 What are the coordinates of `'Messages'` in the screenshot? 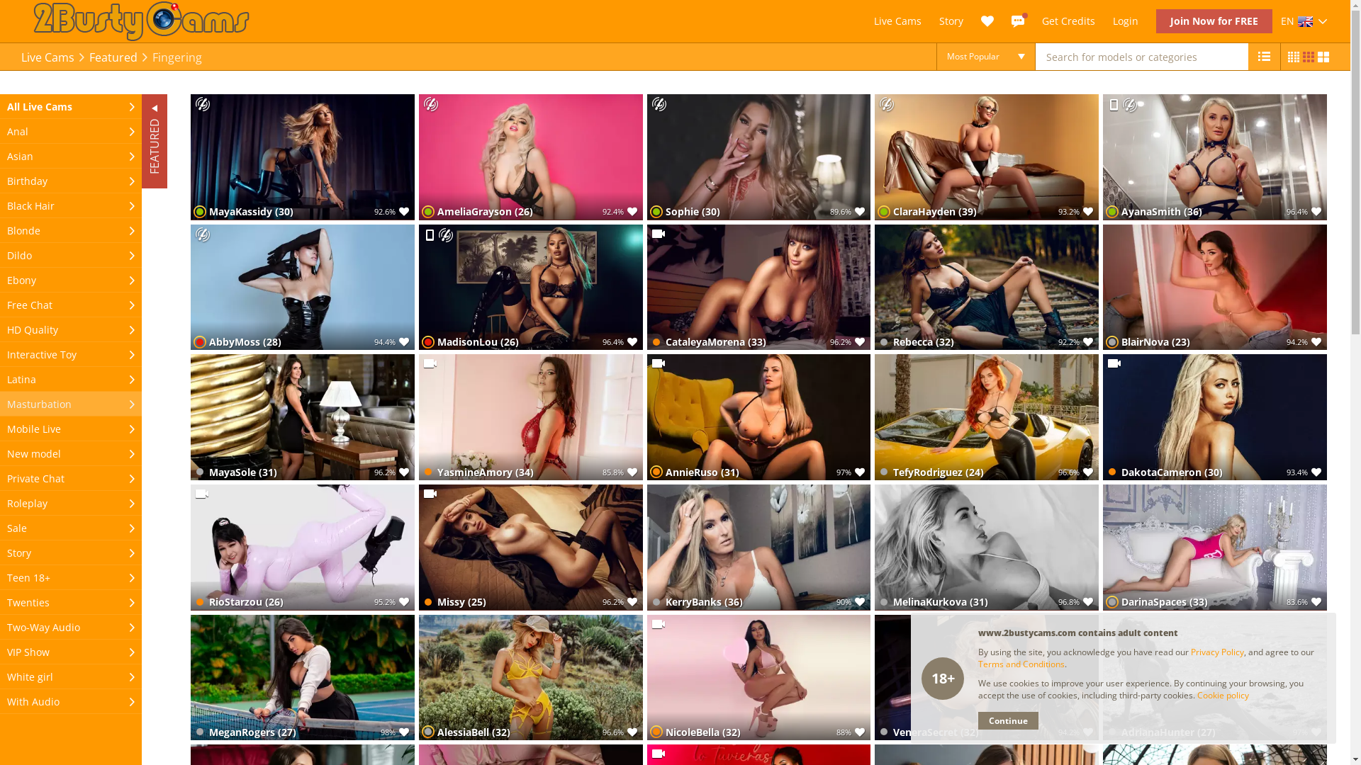 It's located at (1016, 21).